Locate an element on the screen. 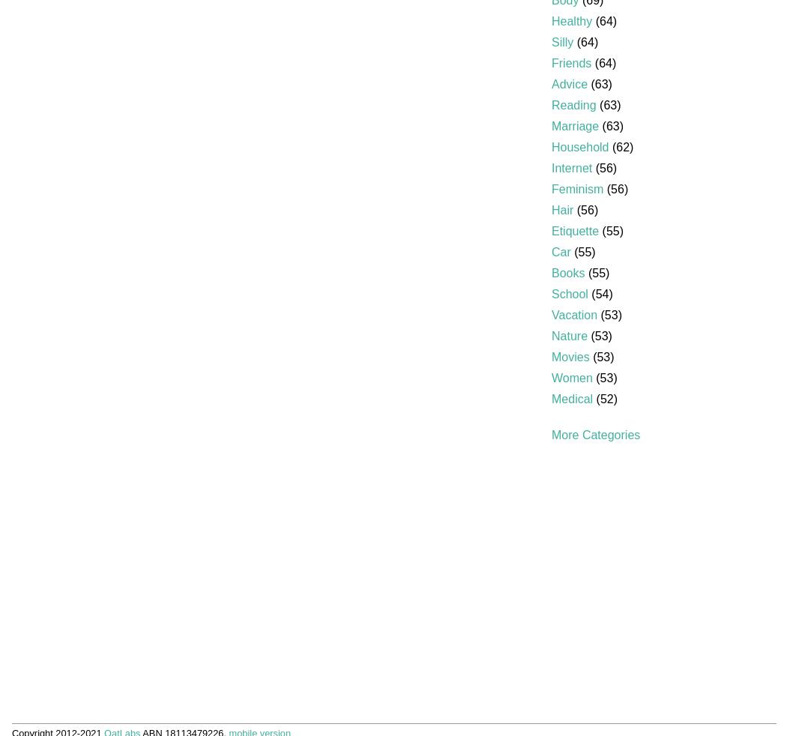 This screenshot has height=736, width=787. 'Medical' is located at coordinates (551, 398).